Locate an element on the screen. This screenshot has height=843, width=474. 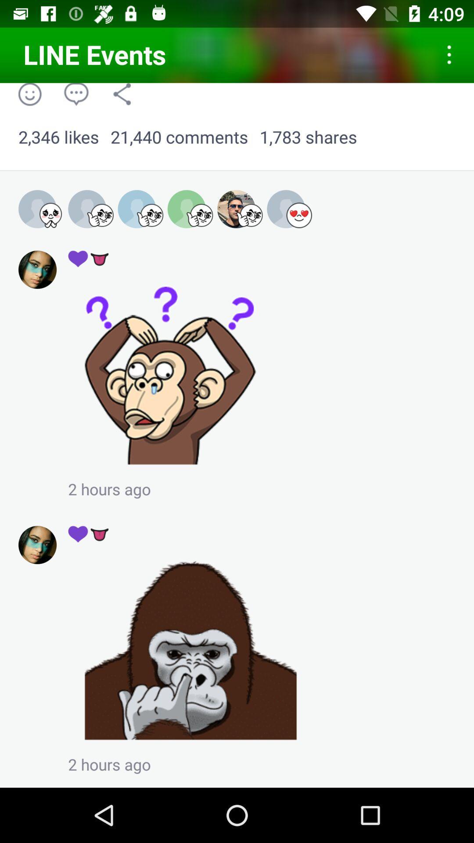
the emoji which is beside second emoji is located at coordinates (41, 209).